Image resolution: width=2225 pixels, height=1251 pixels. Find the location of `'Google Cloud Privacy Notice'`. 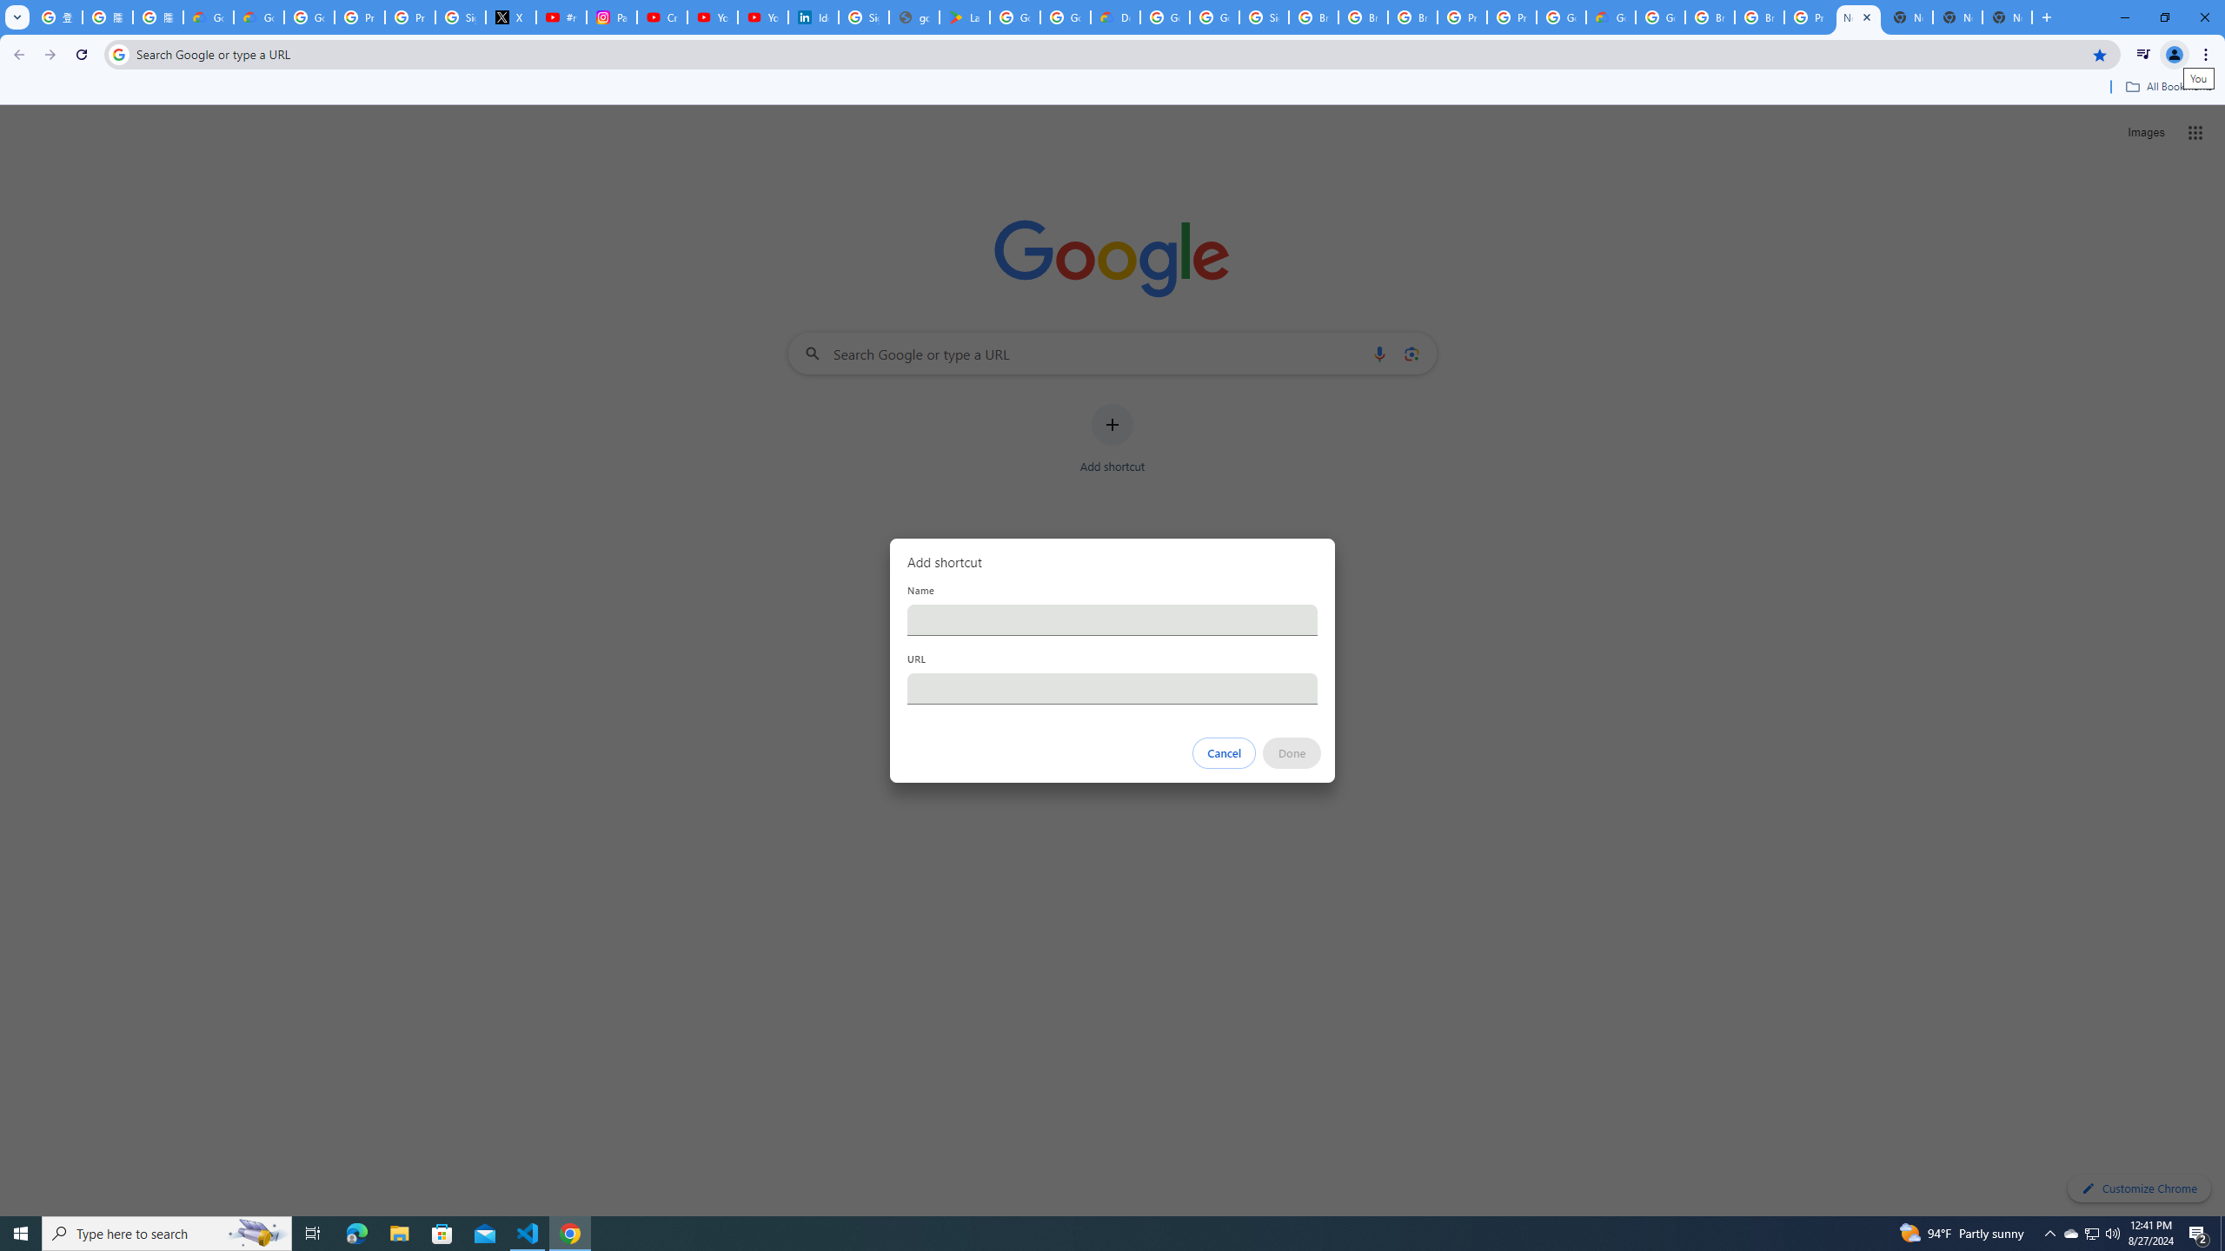

'Google Cloud Privacy Notice' is located at coordinates (209, 17).